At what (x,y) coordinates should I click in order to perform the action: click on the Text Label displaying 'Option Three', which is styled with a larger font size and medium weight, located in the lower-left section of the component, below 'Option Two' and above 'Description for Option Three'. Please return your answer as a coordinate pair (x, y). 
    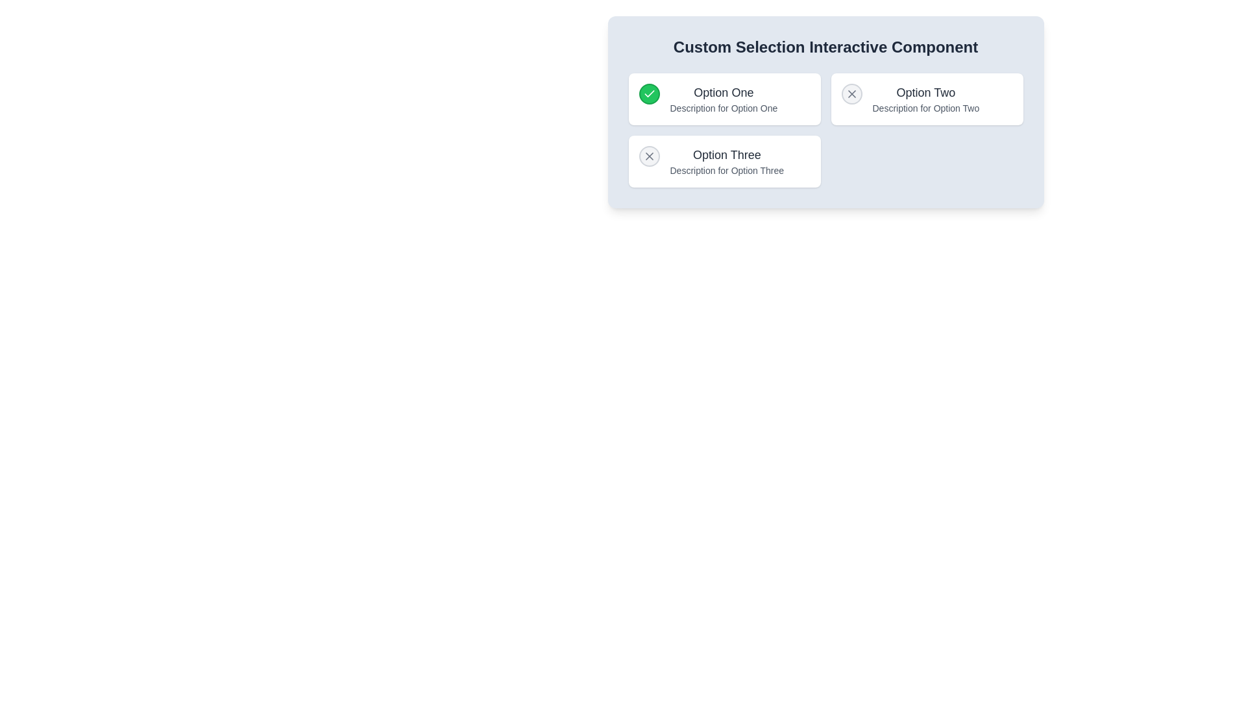
    Looking at the image, I should click on (727, 154).